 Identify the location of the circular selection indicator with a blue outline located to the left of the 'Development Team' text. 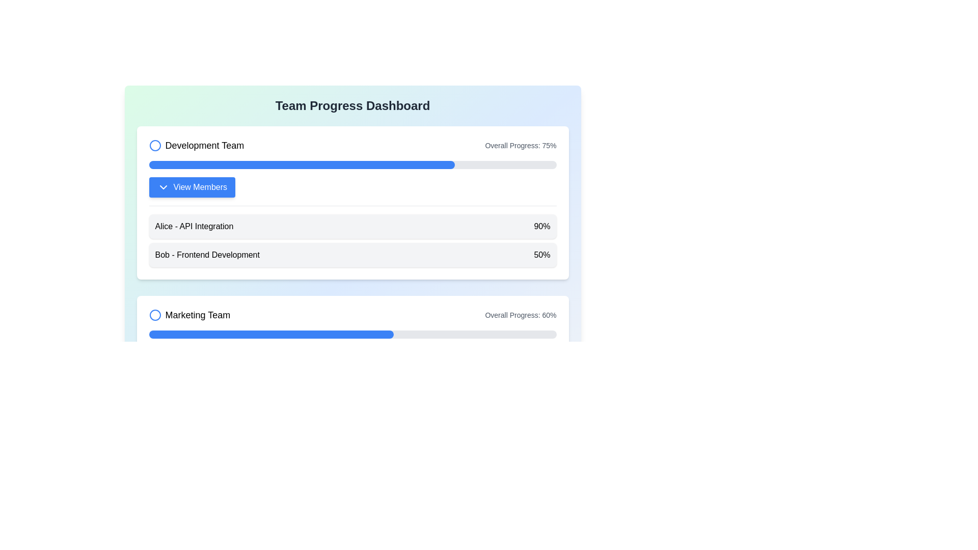
(154, 145).